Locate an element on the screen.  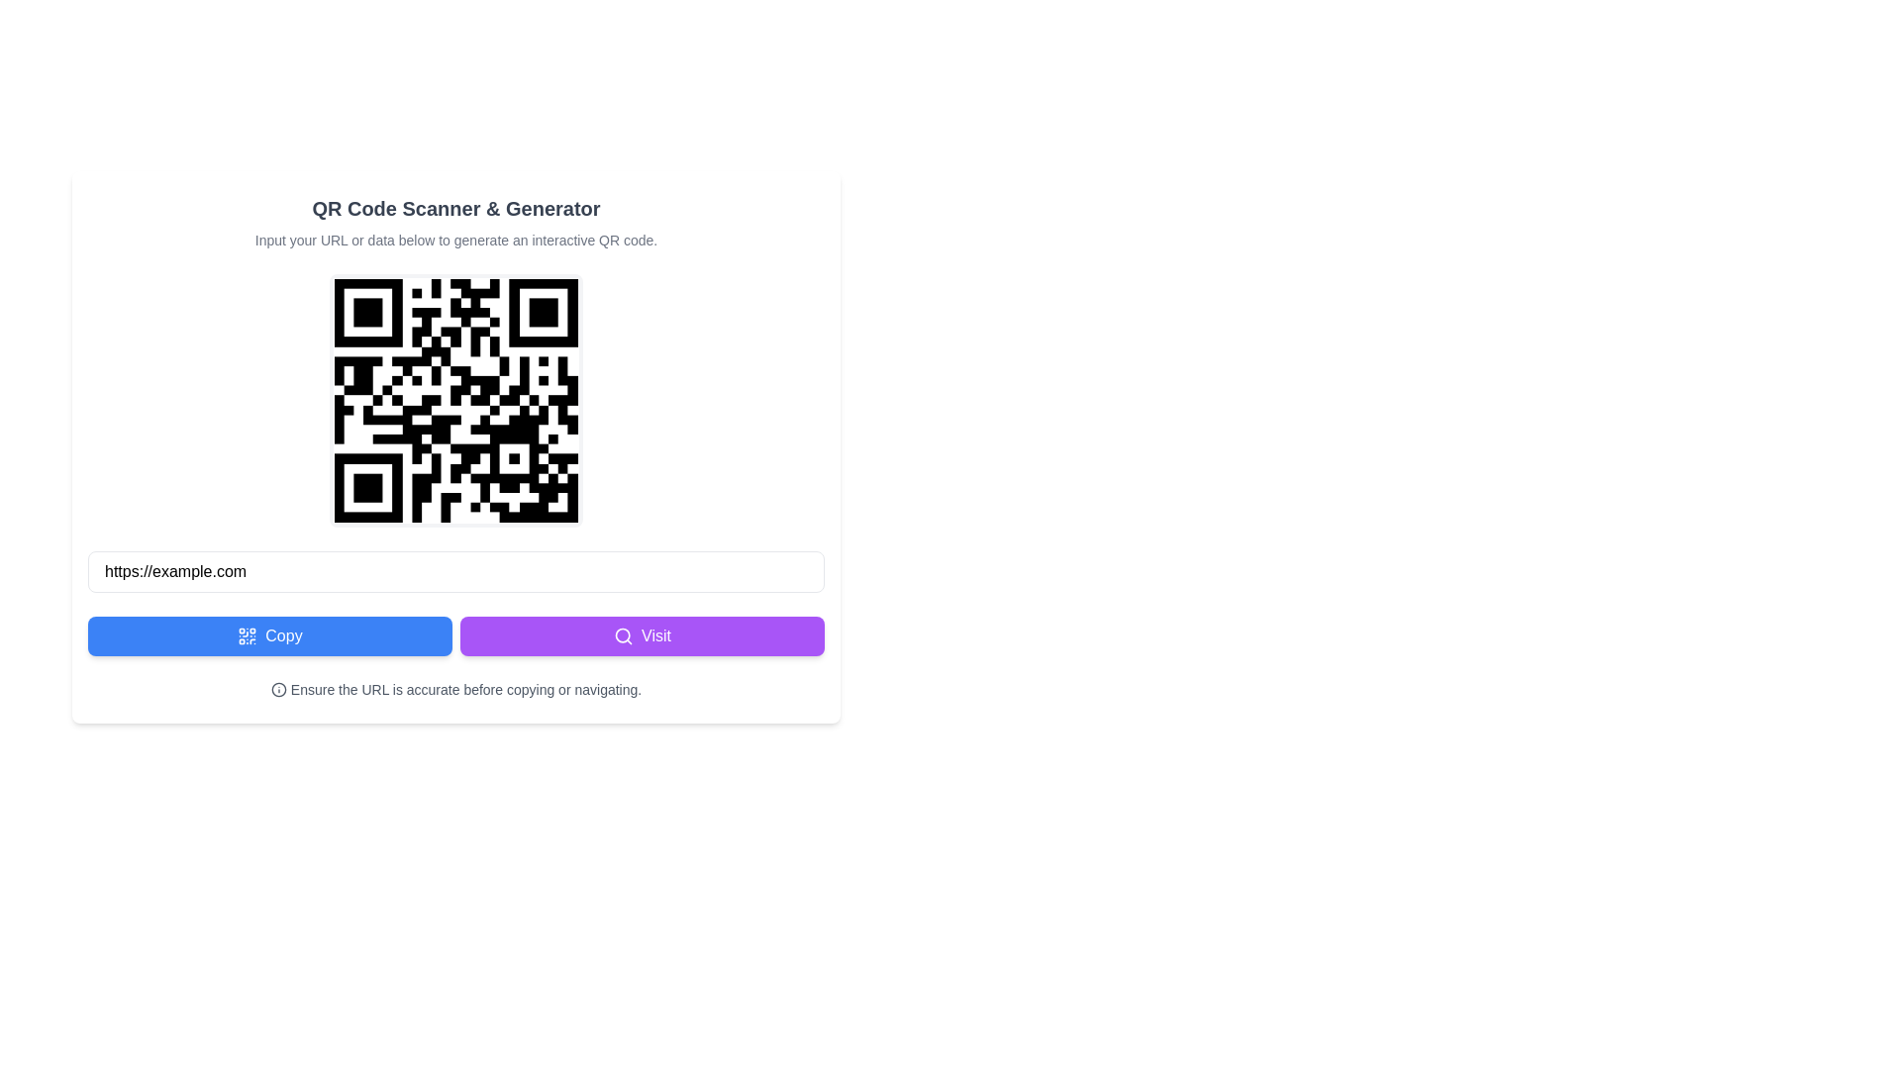
the QR code functionality icon located to the left of the blue 'Copy' button in the QR code generator tool interface is located at coordinates (247, 636).